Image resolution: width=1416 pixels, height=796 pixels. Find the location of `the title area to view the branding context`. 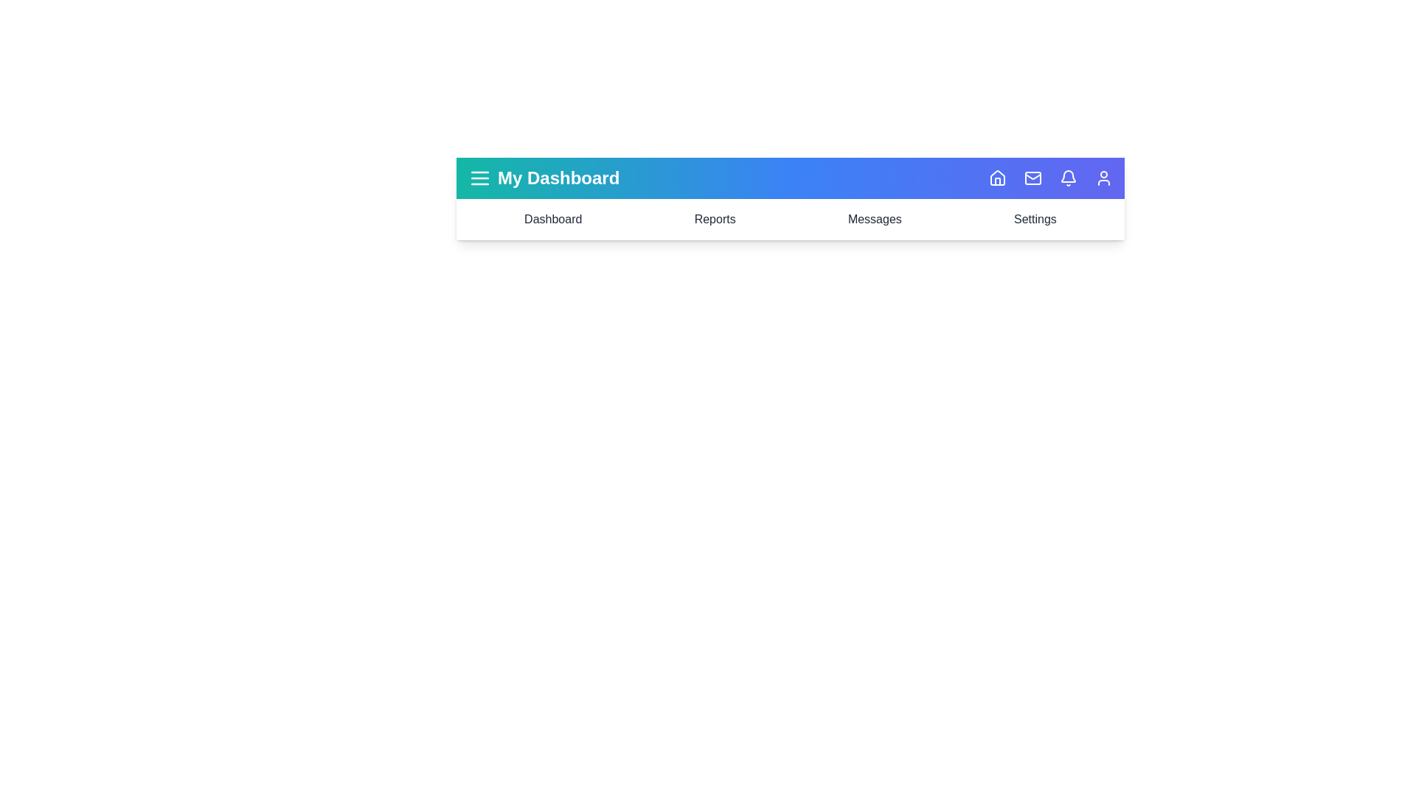

the title area to view the branding context is located at coordinates (558, 178).